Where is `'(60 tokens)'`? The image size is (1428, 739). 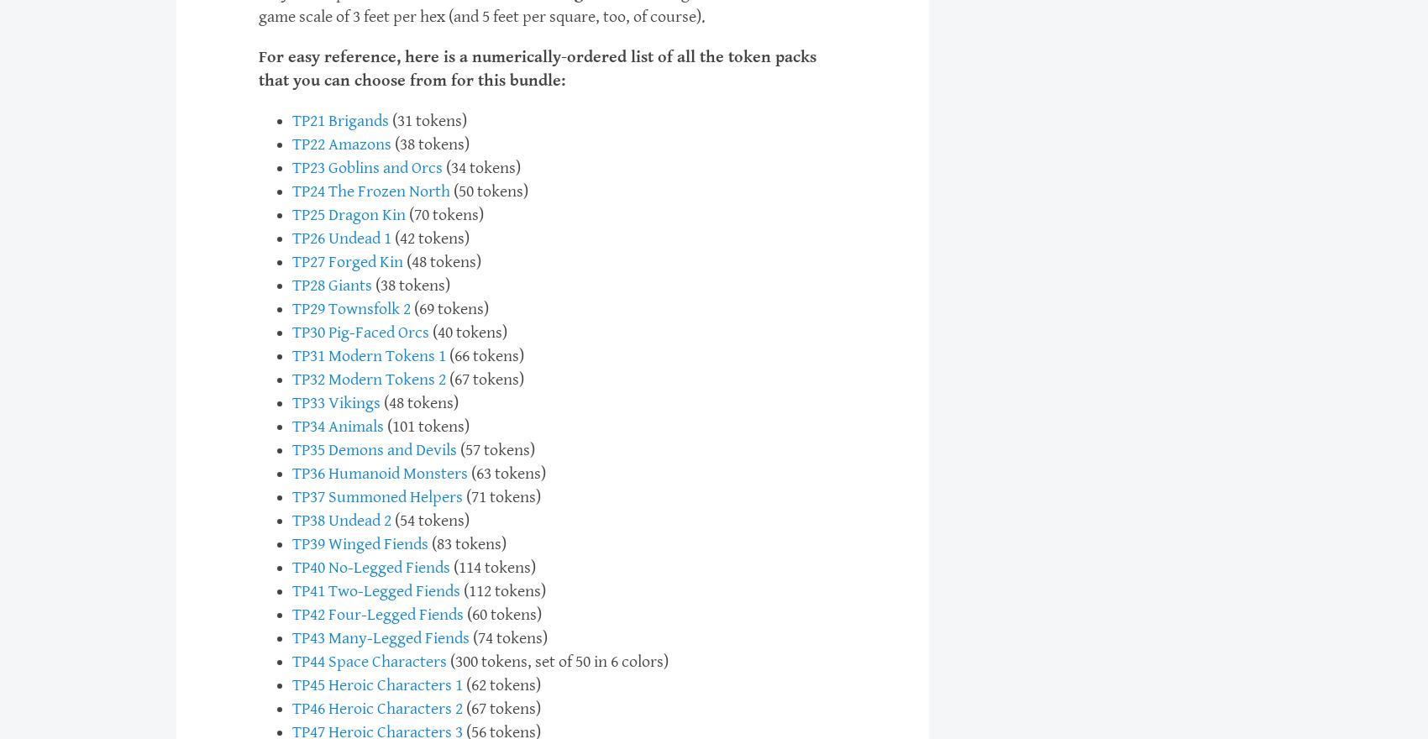
'(60 tokens)' is located at coordinates (501, 615).